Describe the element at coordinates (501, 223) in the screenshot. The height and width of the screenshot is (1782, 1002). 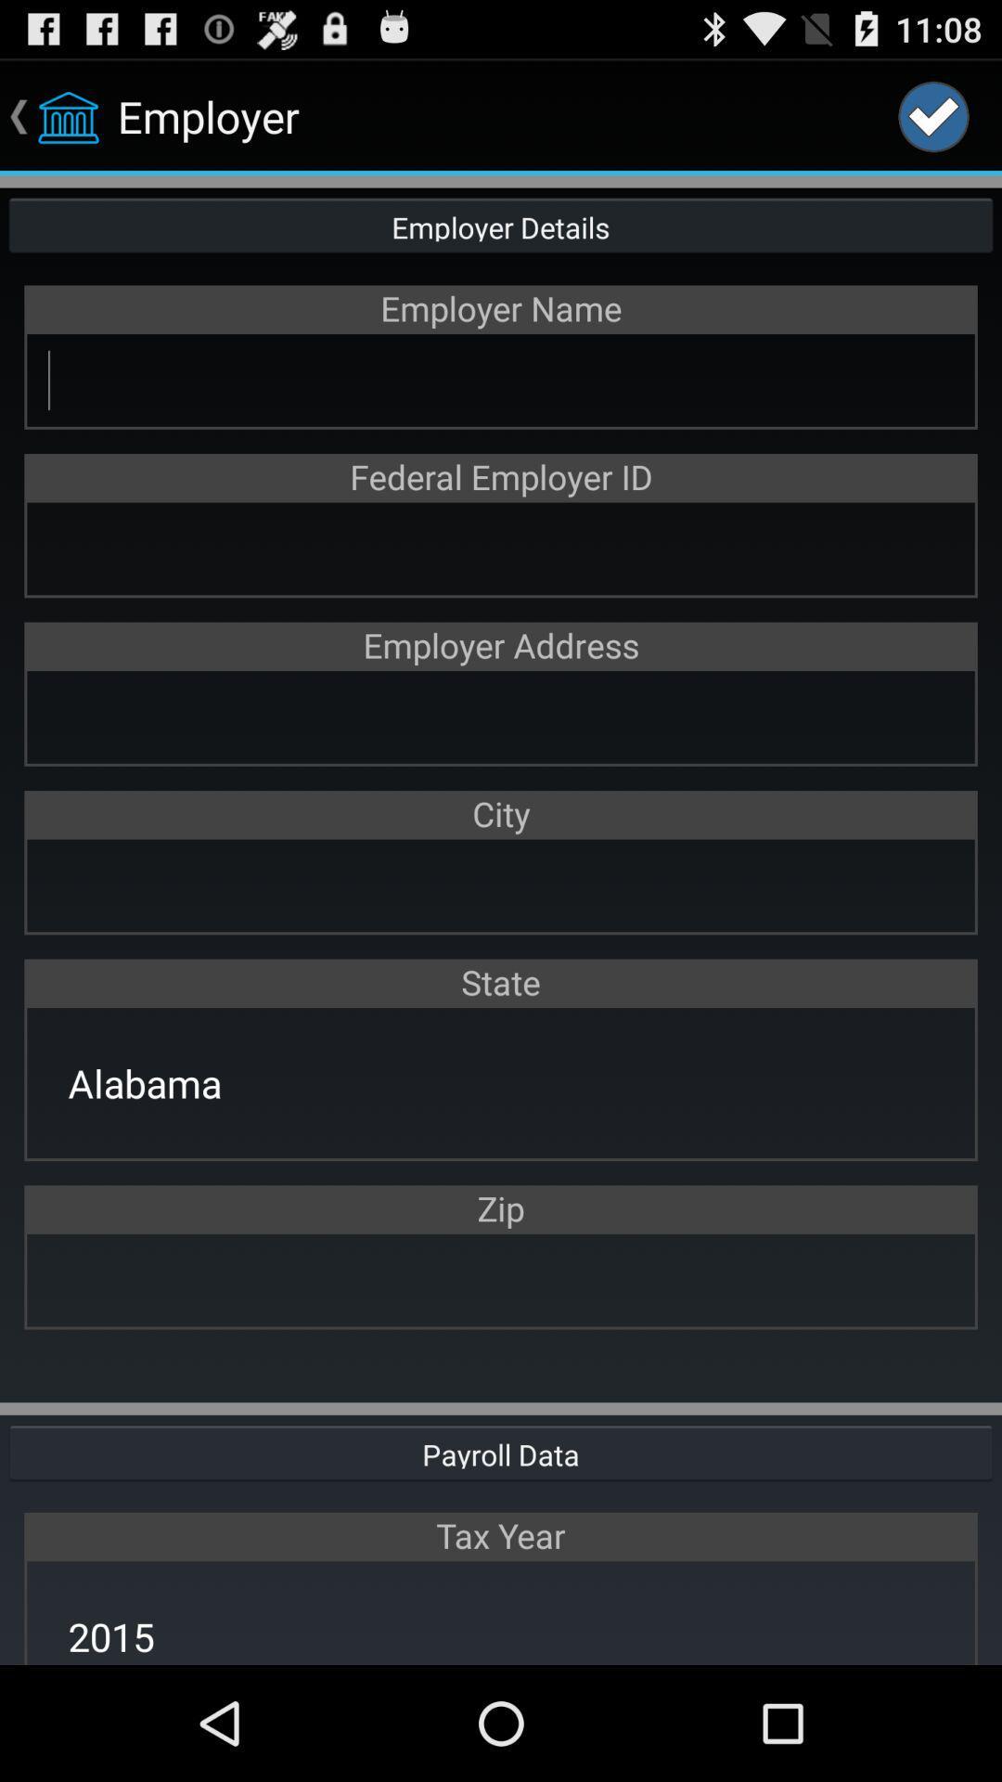
I see `employer details icon` at that location.